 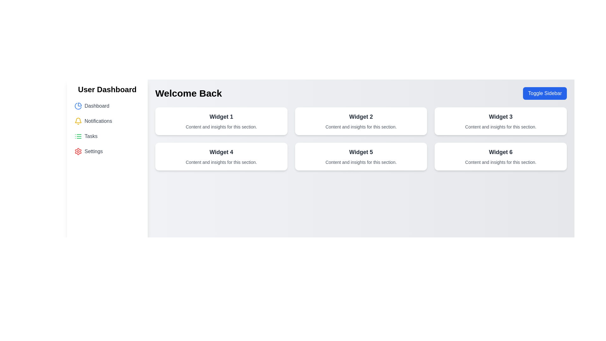 I want to click on the 'Notifications' menu item, which features a yellow notification bell icon and gray text, so click(x=107, y=121).